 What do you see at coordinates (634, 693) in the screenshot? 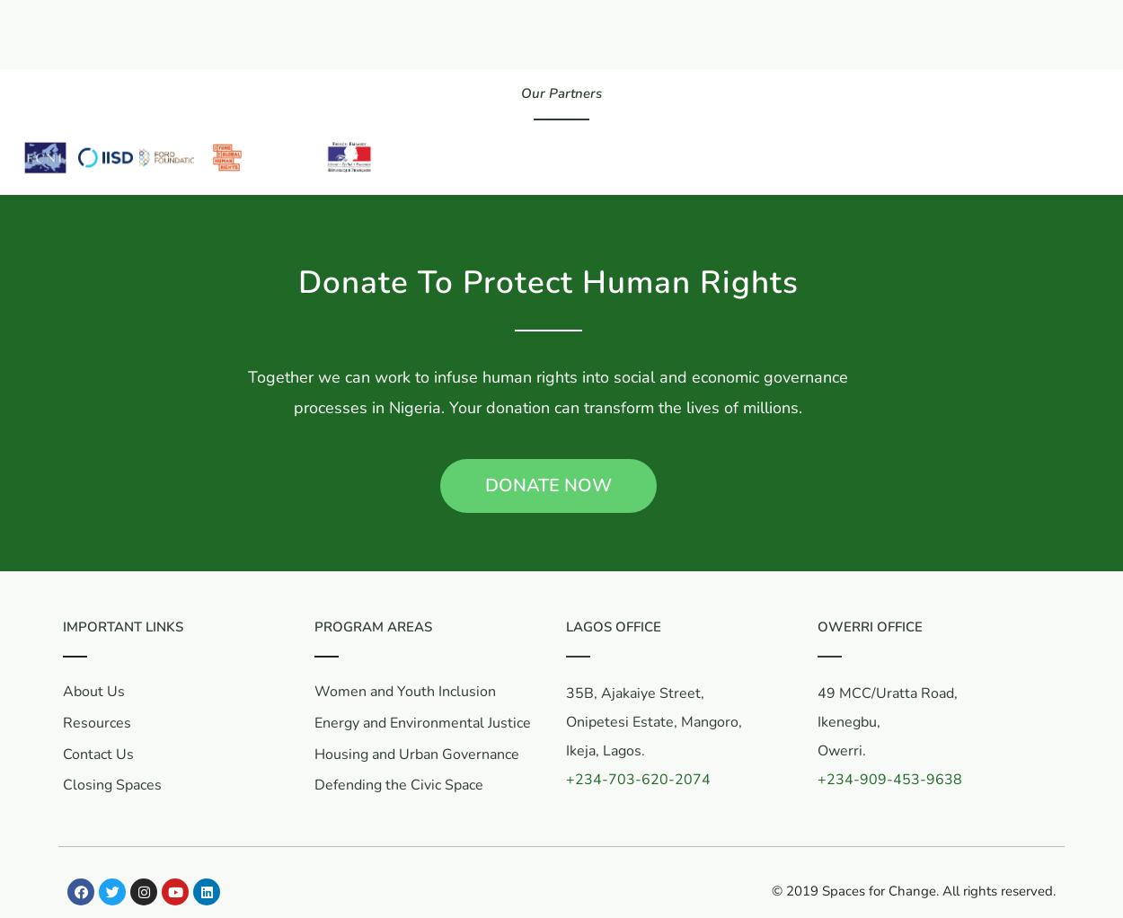
I see `'35B, Ajakaiye Street,'` at bounding box center [634, 693].